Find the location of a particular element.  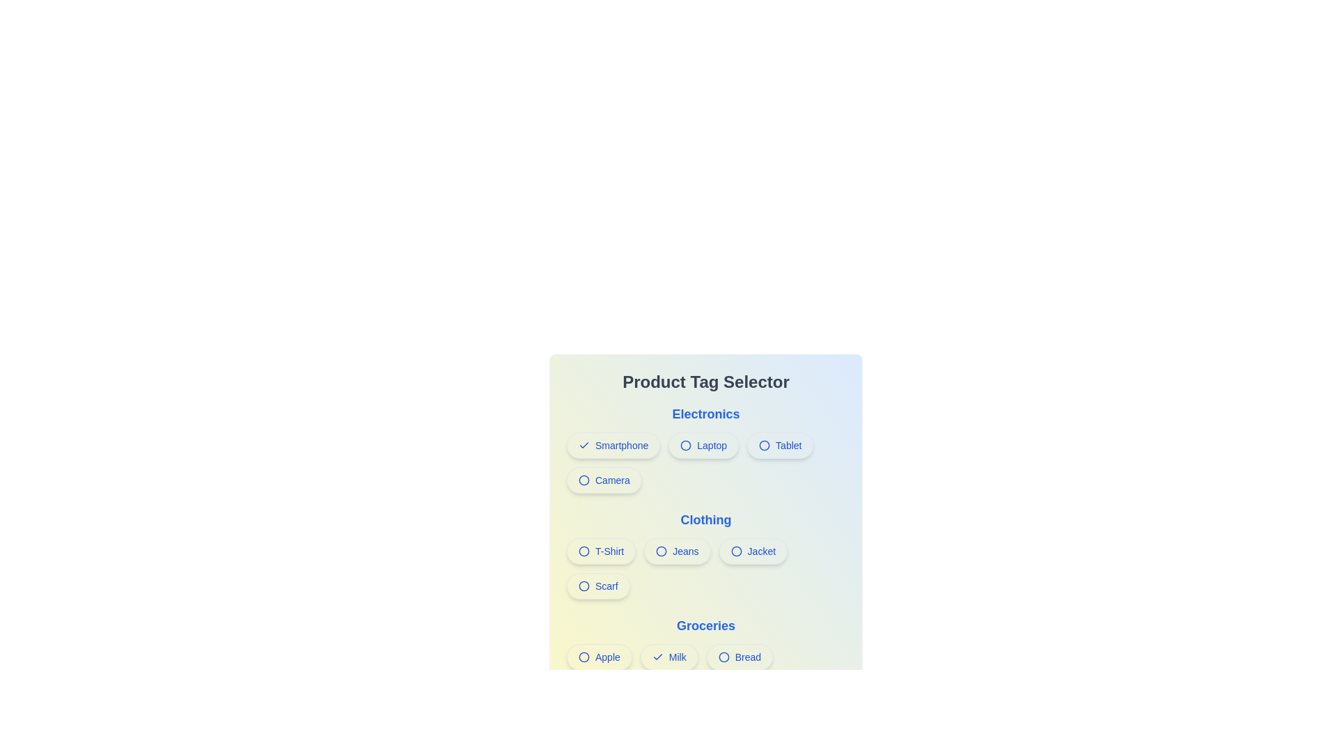

the circular SVG icon styled to resemble a simple outline, which is part of the 'Camera' tag within the 'Electronics' section of the 'Product Tag Selector' interface is located at coordinates (584, 480).